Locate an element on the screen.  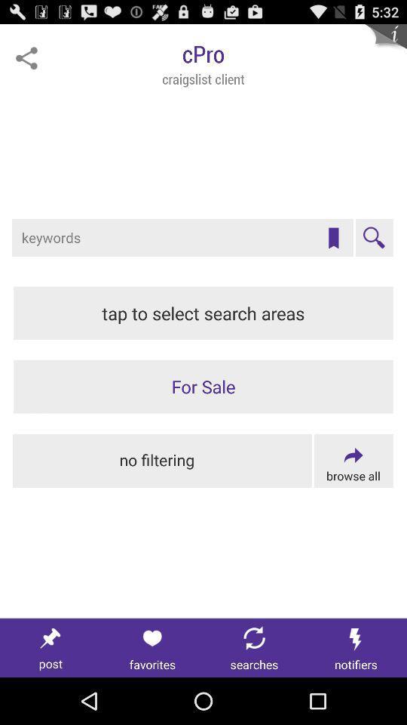
for sale listings is located at coordinates (203, 386).